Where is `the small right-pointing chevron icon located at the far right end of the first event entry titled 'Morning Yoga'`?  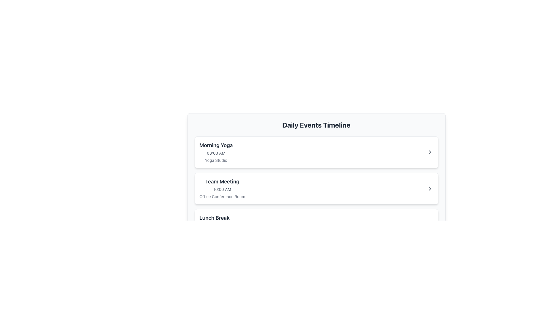
the small right-pointing chevron icon located at the far right end of the first event entry titled 'Morning Yoga' is located at coordinates (430, 152).